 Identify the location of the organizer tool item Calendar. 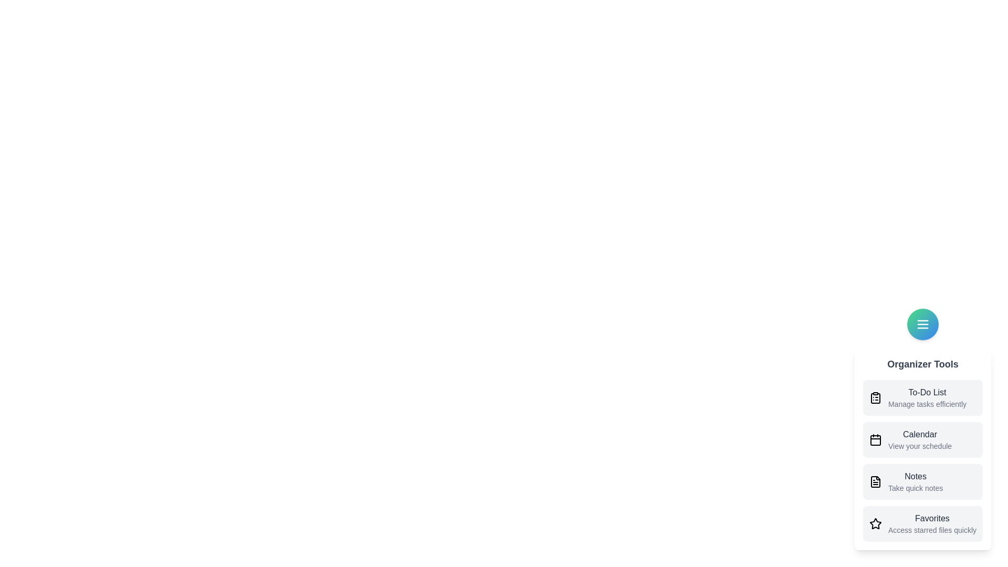
(922, 439).